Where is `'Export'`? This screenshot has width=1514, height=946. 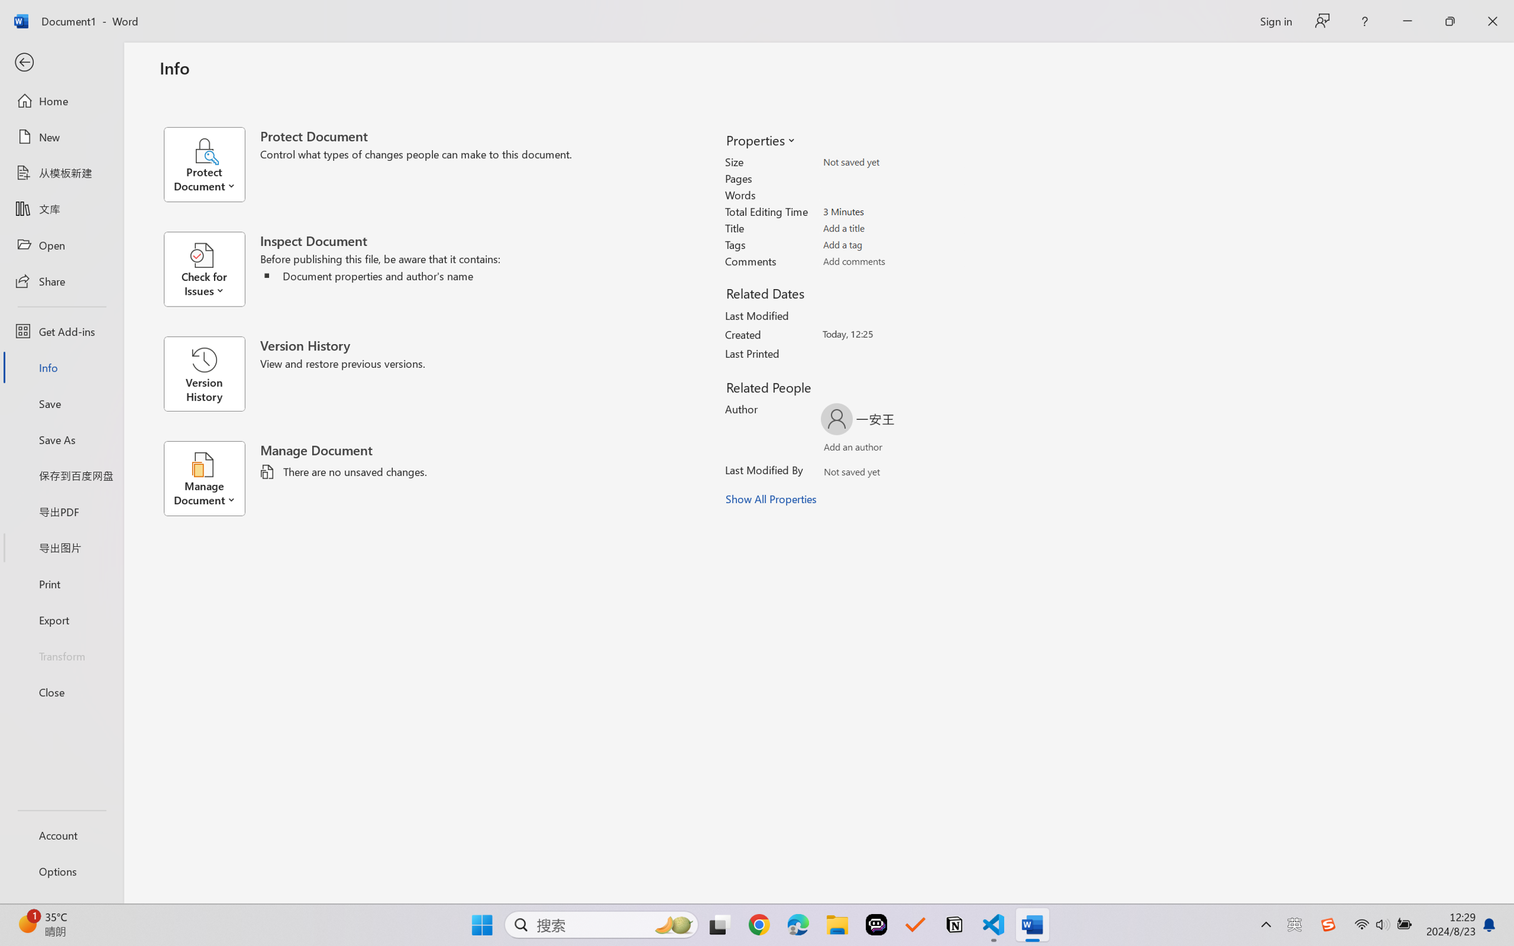
'Export' is located at coordinates (61, 619).